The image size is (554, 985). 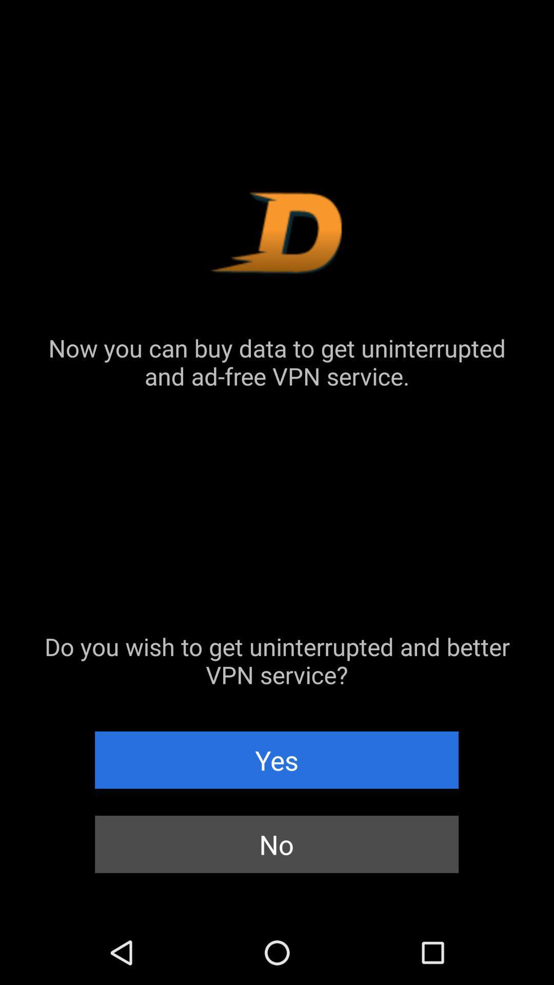 I want to click on the no, so click(x=276, y=844).